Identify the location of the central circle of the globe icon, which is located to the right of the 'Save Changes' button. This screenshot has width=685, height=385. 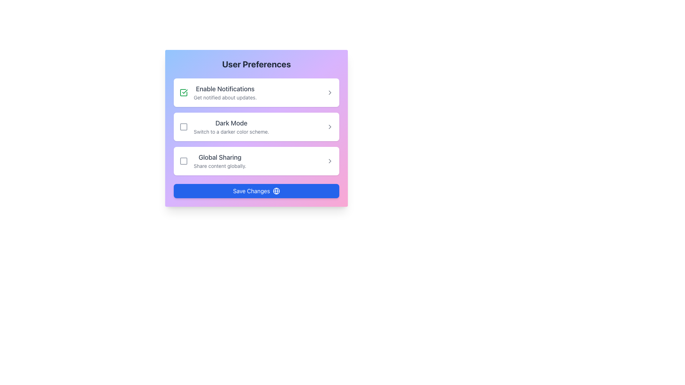
(276, 191).